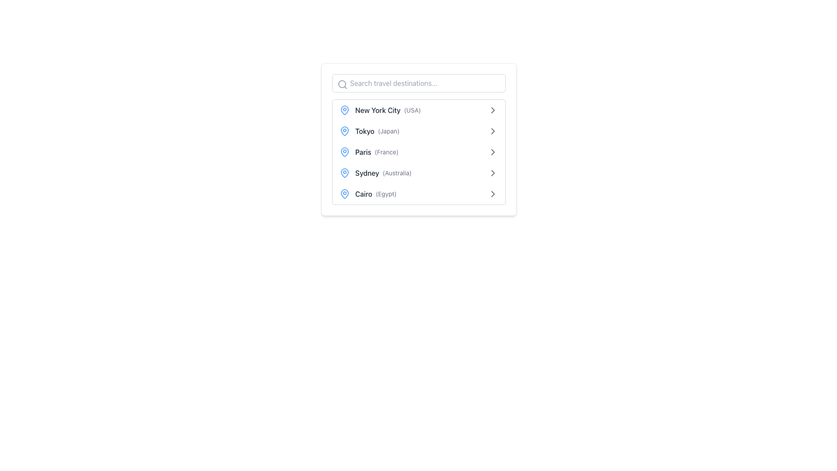 The width and height of the screenshot is (837, 471). I want to click on the navigation icon located to the far right of the 'Cairo (Egypt)' text in the interactive list, so click(493, 193).